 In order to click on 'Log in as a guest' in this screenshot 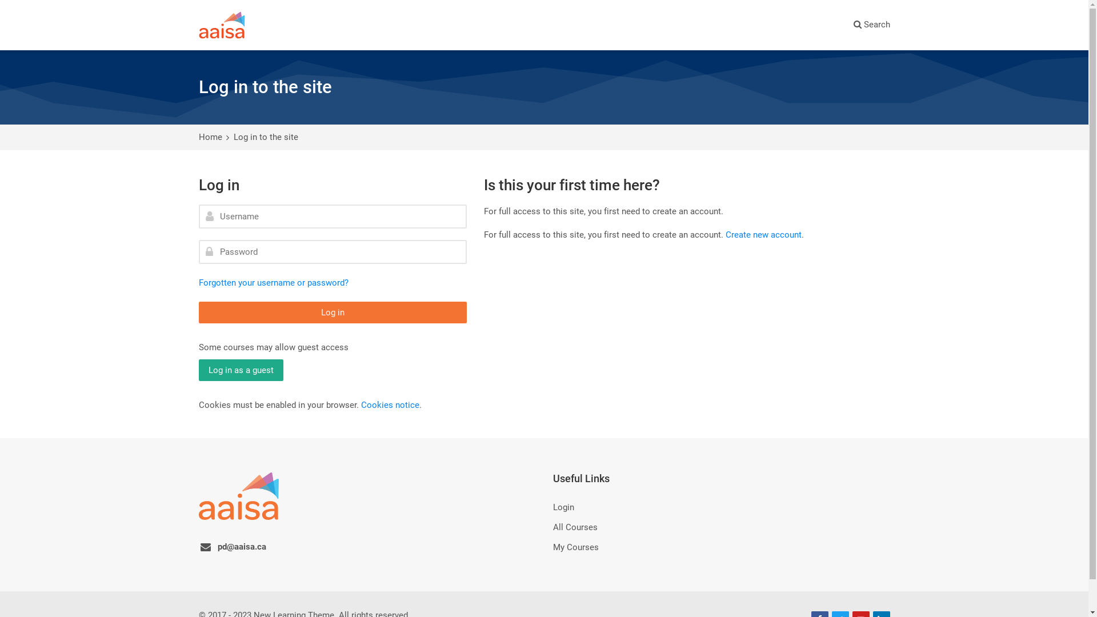, I will do `click(198, 370)`.